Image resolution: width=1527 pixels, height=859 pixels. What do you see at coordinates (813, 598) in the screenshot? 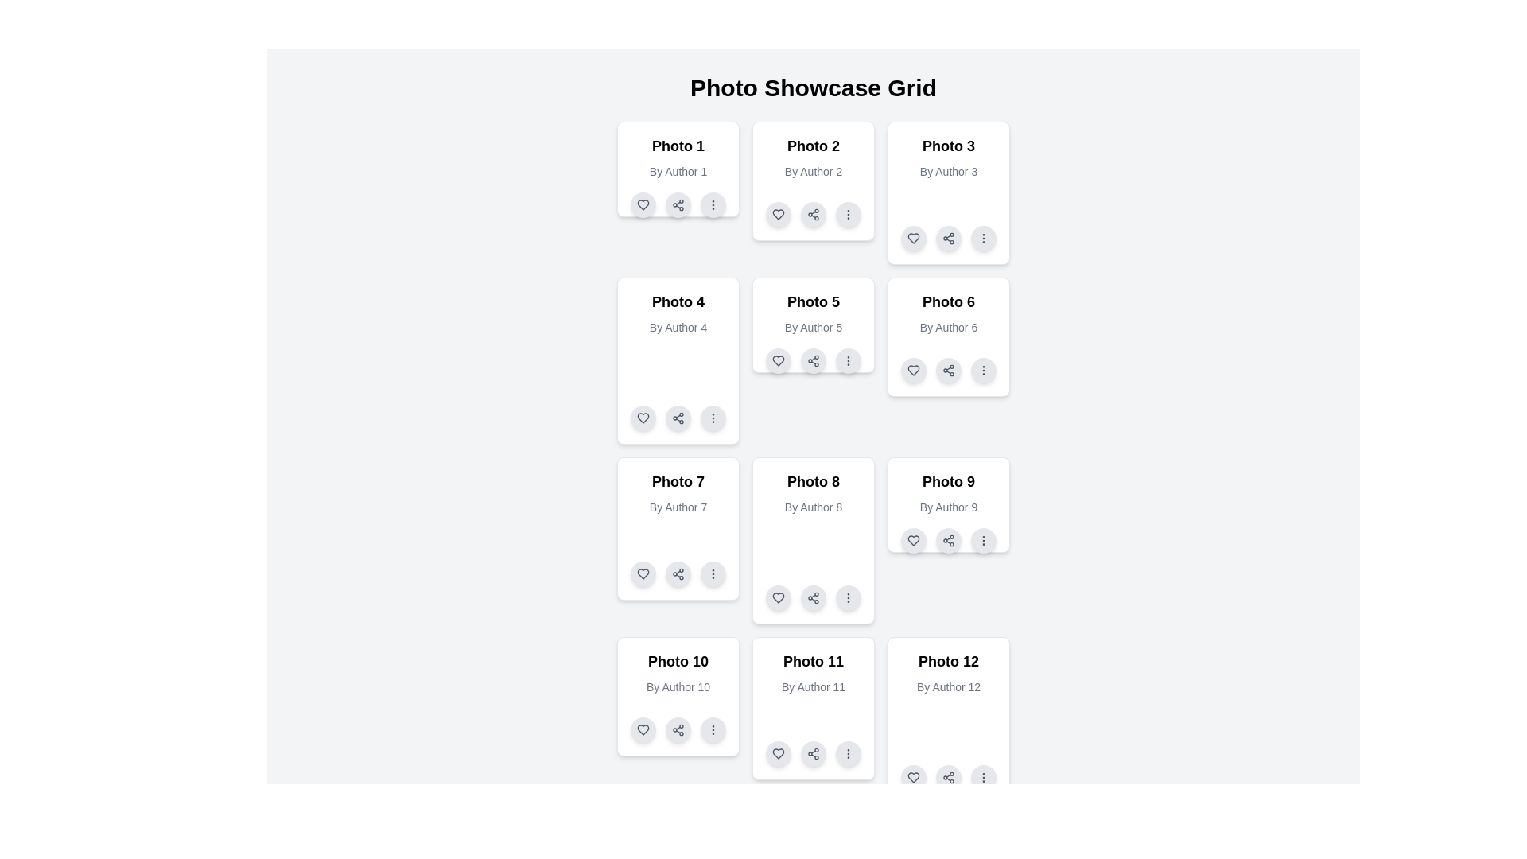
I see `the 'share' icon button located at the bottom center of the 'Photo 8' card` at bounding box center [813, 598].